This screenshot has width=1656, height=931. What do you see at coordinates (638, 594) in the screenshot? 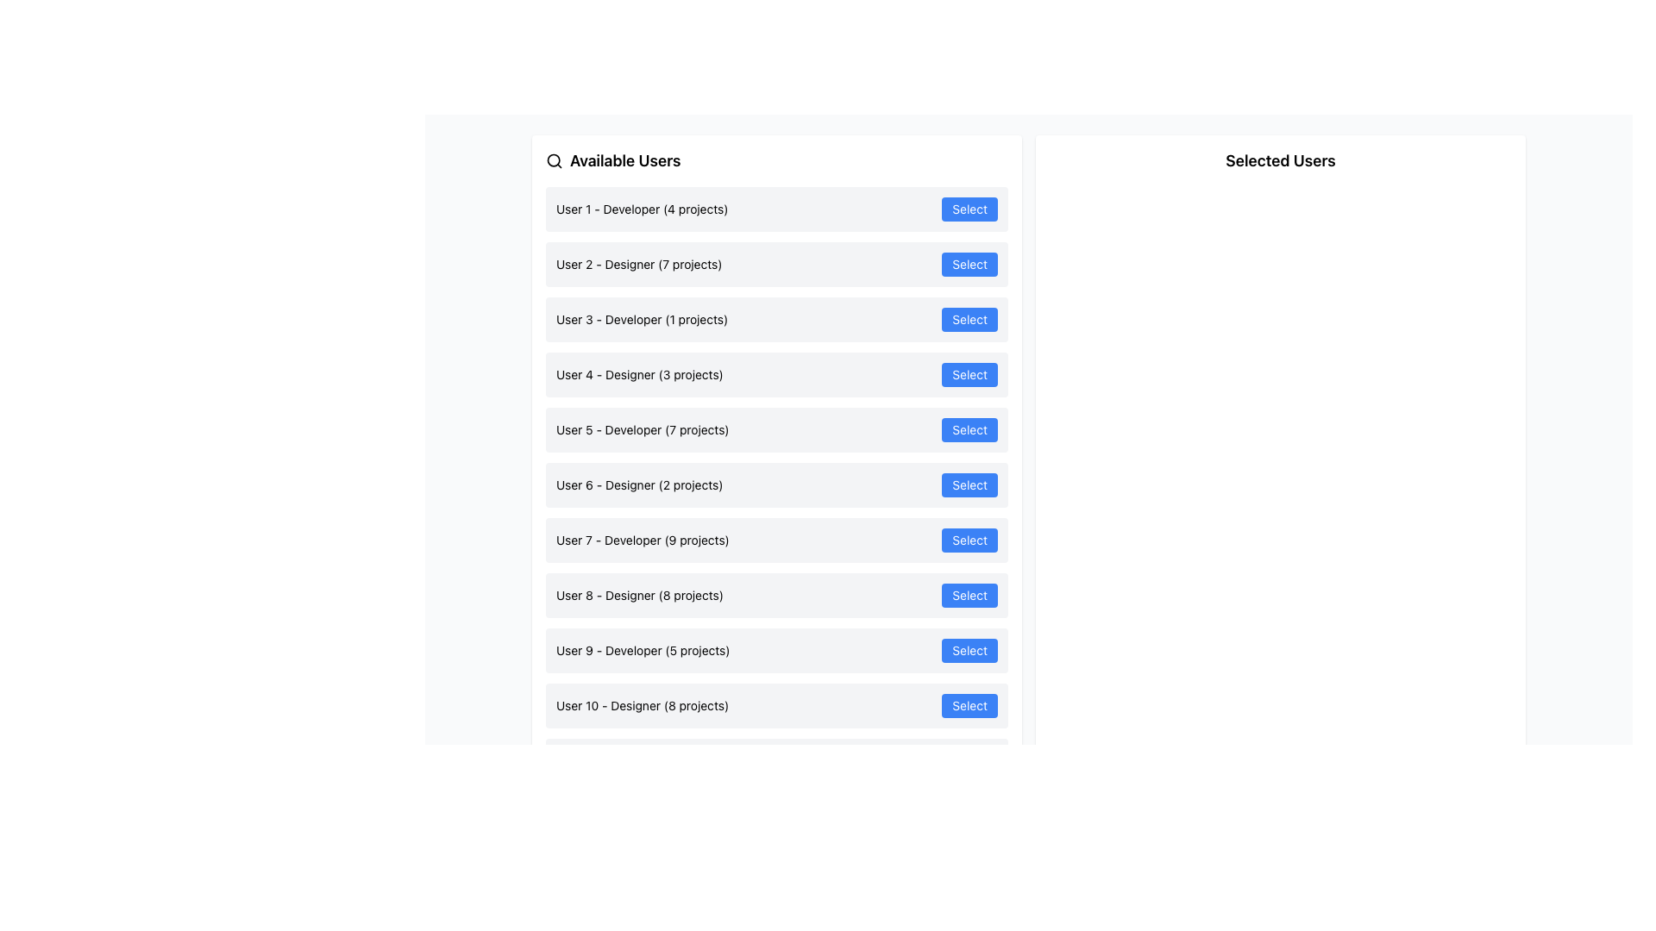
I see `the text label displaying 'User 8 - Designer (8 projects)' in the 'Available Users' section, which is styled in black on a light gray background and is located to the left of the 'Select' button` at bounding box center [638, 594].